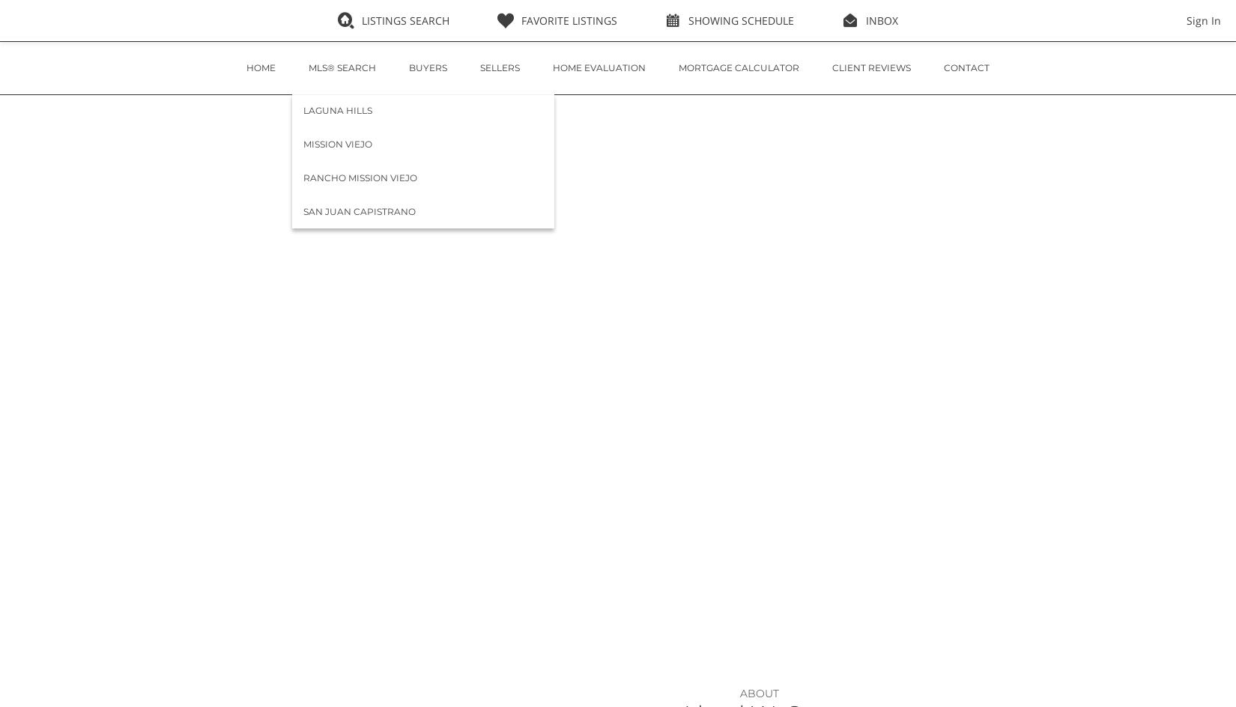 The height and width of the screenshot is (707, 1236). Describe the element at coordinates (881, 20) in the screenshot. I see `'Inbox'` at that location.